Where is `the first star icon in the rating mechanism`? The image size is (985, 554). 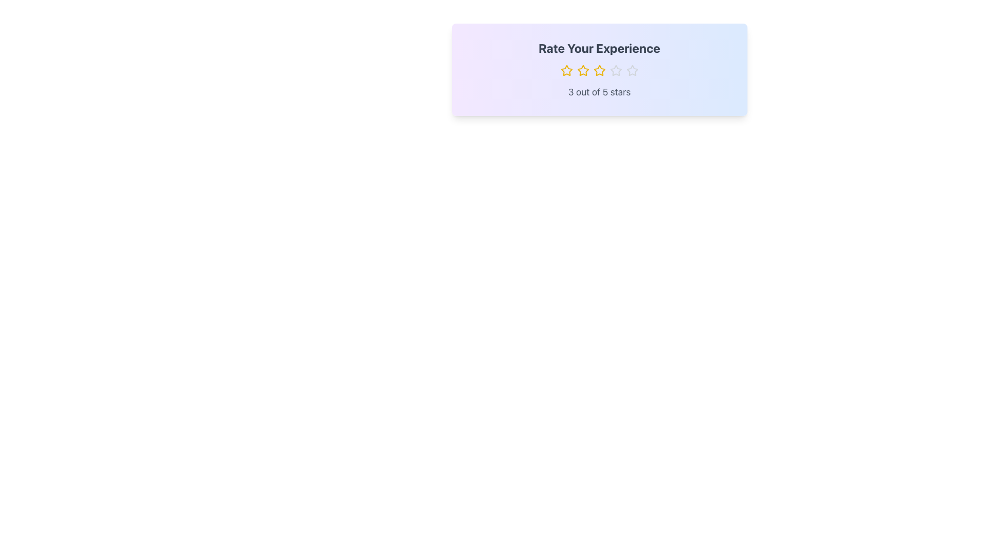
the first star icon in the rating mechanism is located at coordinates (566, 70).